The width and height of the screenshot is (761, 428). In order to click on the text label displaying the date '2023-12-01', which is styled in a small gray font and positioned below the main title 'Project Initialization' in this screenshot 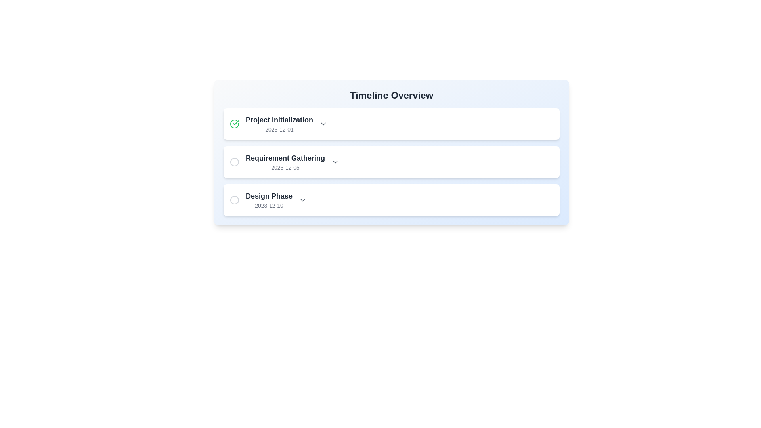, I will do `click(279, 129)`.